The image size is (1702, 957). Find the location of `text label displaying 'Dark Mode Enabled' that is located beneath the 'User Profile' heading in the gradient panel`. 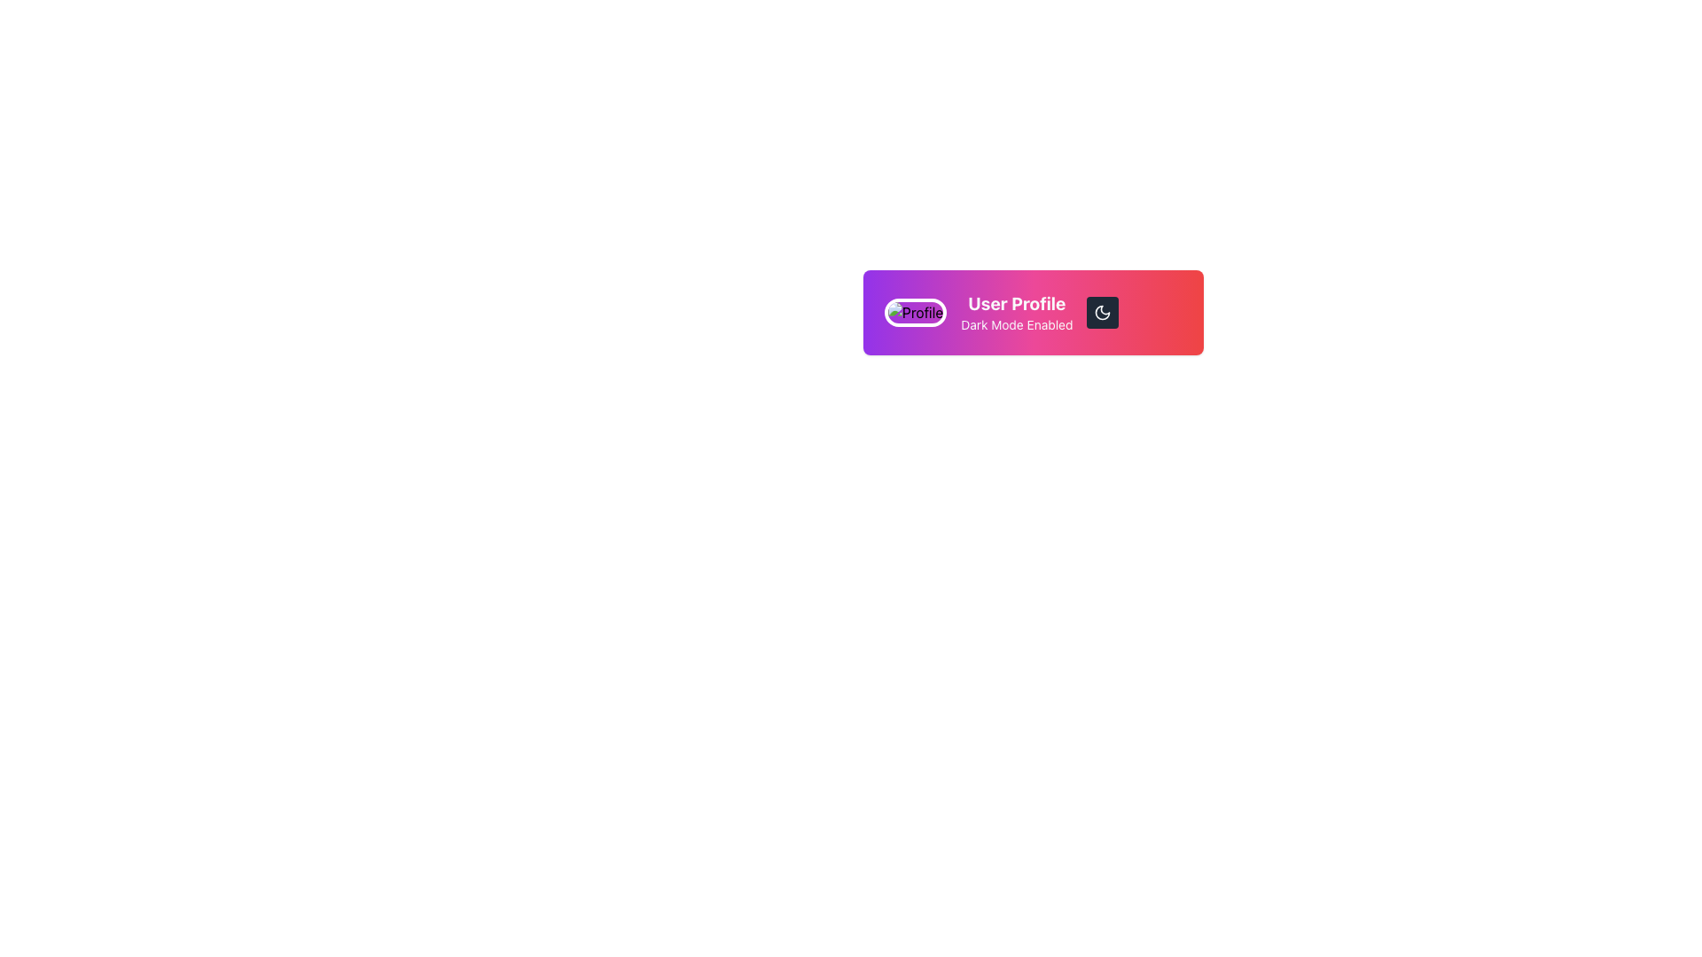

text label displaying 'Dark Mode Enabled' that is located beneath the 'User Profile' heading in the gradient panel is located at coordinates (1017, 324).